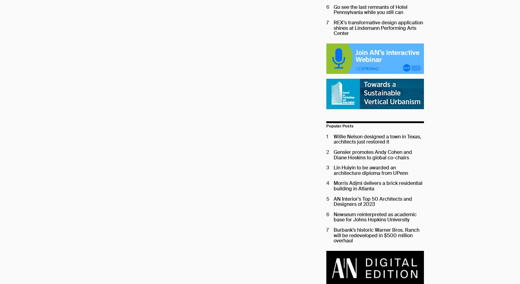  What do you see at coordinates (333, 28) in the screenshot?
I see `'REX’s transformative design application shines at Lindemann Performing Arts Center'` at bounding box center [333, 28].